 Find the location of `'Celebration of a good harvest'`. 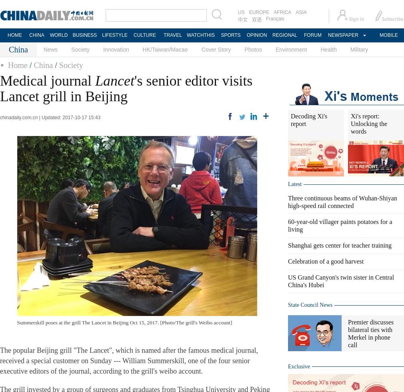

'Celebration of a good harvest' is located at coordinates (326, 261).